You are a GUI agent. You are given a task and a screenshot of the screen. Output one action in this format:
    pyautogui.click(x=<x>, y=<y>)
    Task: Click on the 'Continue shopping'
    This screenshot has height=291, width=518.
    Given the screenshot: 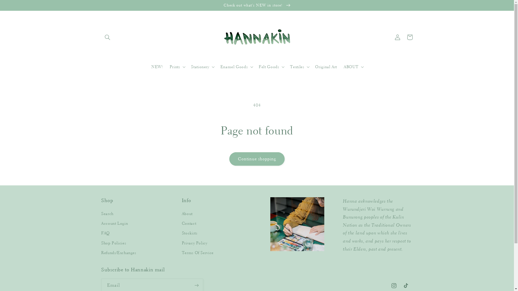 What is the action you would take?
    pyautogui.click(x=257, y=158)
    